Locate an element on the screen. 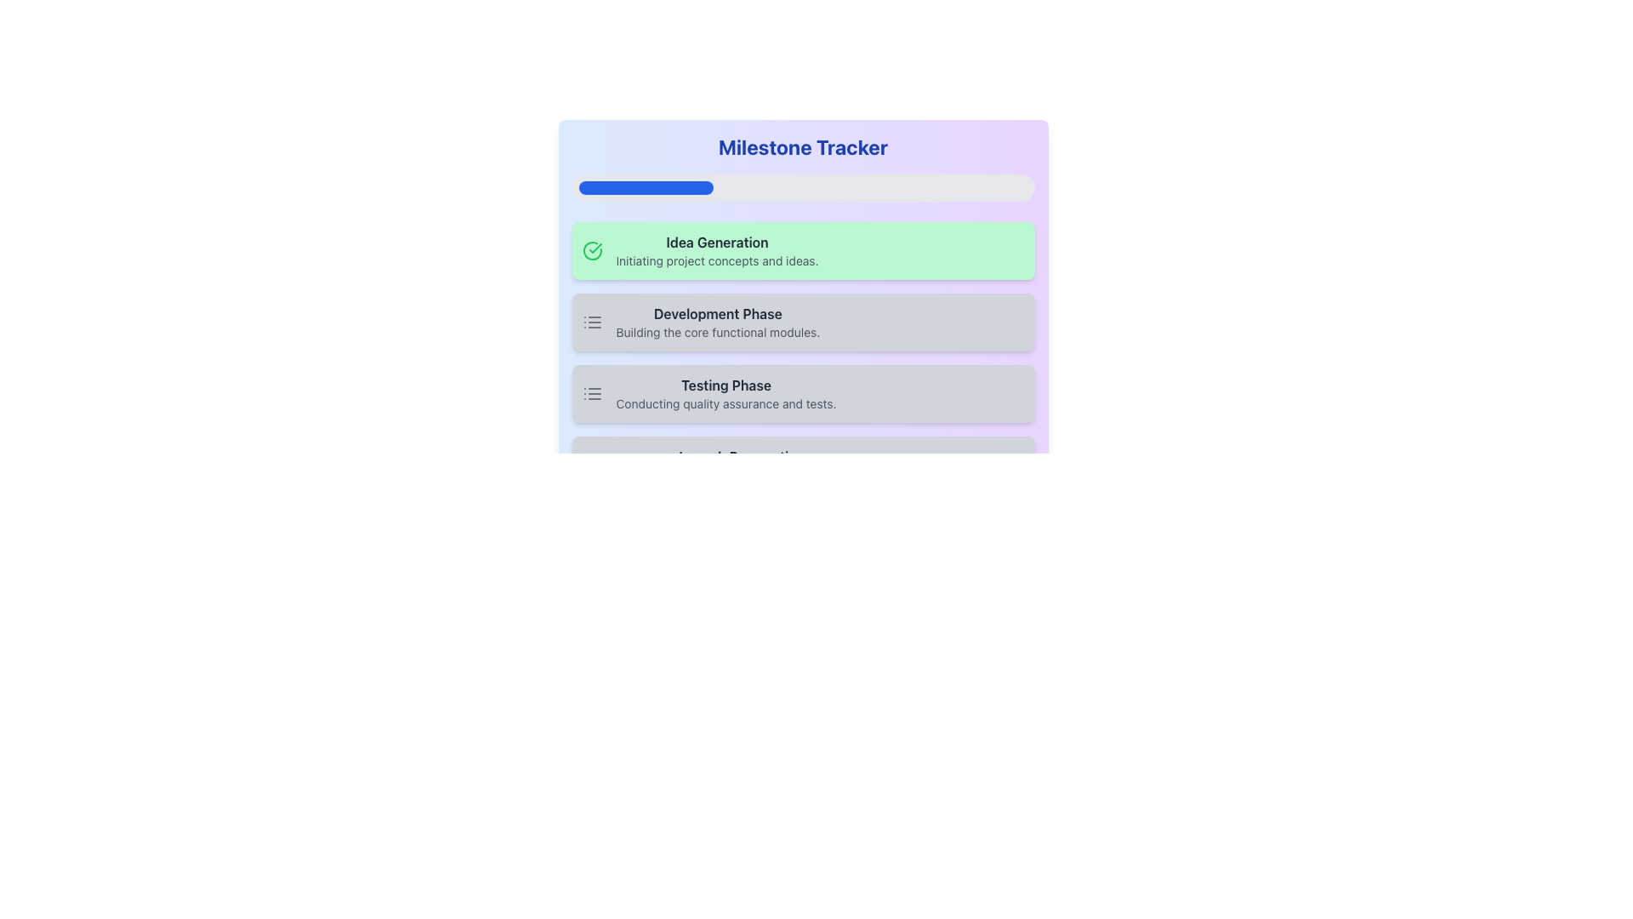 The height and width of the screenshot is (919, 1633). the progress visually on the Progress Bar located below the 'Milestone Tracker' heading is located at coordinates (802, 187).